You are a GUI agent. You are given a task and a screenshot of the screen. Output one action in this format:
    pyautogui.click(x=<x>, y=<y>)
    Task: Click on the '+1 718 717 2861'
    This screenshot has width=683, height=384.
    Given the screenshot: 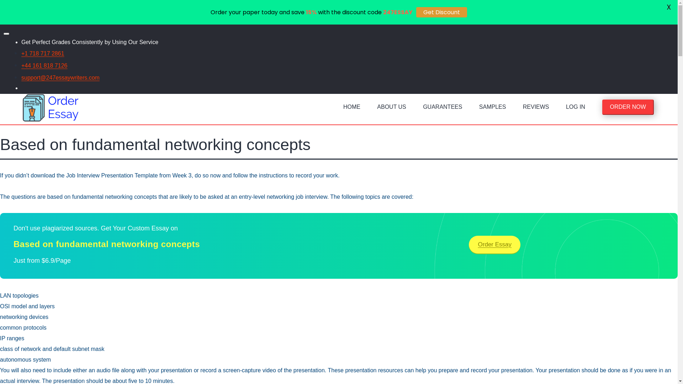 What is the action you would take?
    pyautogui.click(x=42, y=53)
    